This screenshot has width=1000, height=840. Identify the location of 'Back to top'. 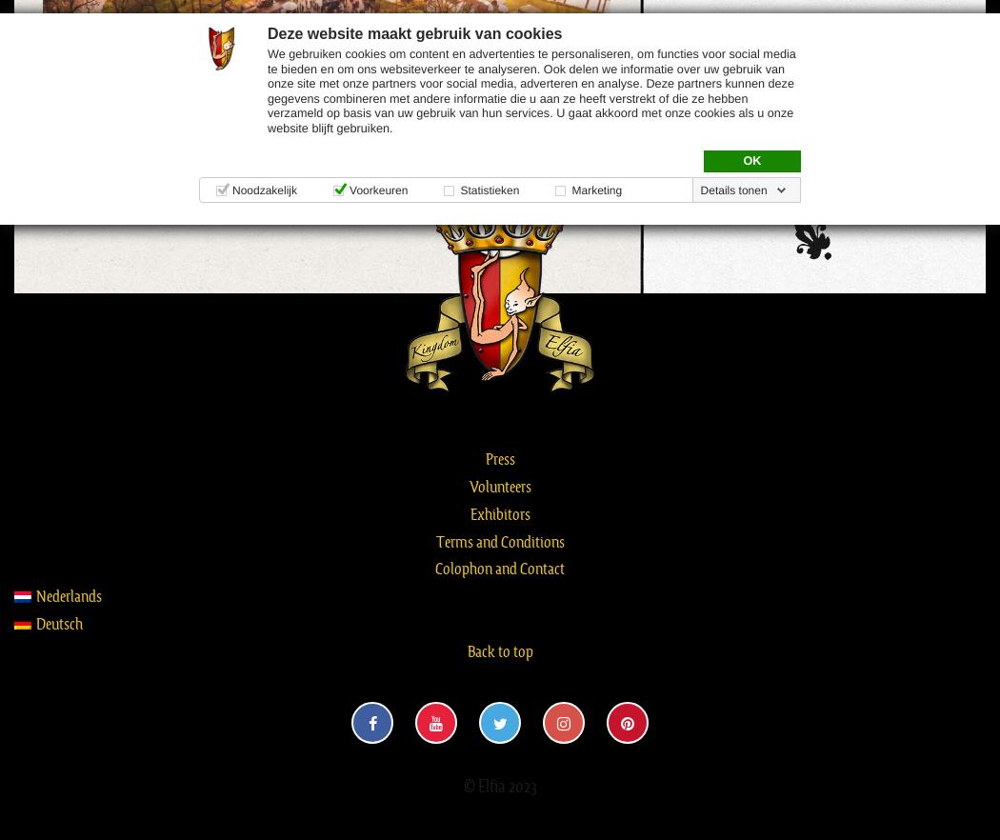
(498, 649).